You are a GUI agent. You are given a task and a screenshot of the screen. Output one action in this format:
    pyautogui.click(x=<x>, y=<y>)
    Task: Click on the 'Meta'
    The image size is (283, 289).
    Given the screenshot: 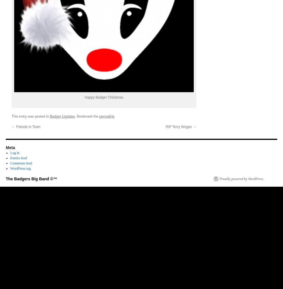 What is the action you would take?
    pyautogui.click(x=5, y=147)
    